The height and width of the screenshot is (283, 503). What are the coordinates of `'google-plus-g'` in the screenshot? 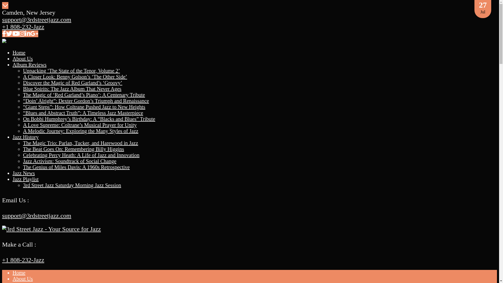 It's located at (30, 34).